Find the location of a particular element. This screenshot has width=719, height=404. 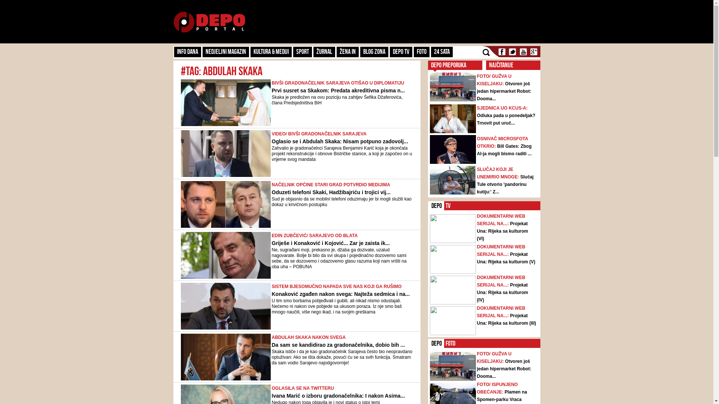

'Facebook' is located at coordinates (502, 51).